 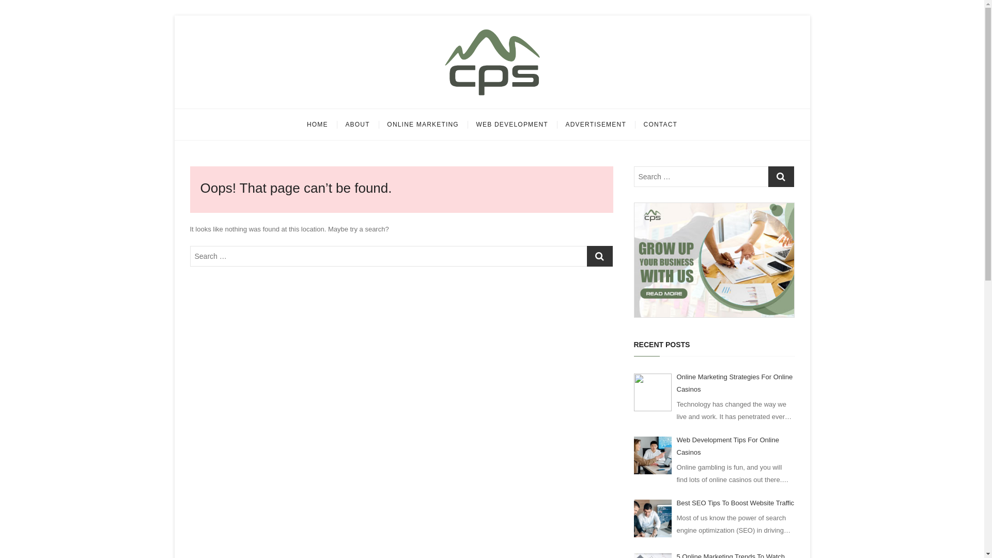 What do you see at coordinates (174, 15) in the screenshot?
I see `'Skip to content'` at bounding box center [174, 15].